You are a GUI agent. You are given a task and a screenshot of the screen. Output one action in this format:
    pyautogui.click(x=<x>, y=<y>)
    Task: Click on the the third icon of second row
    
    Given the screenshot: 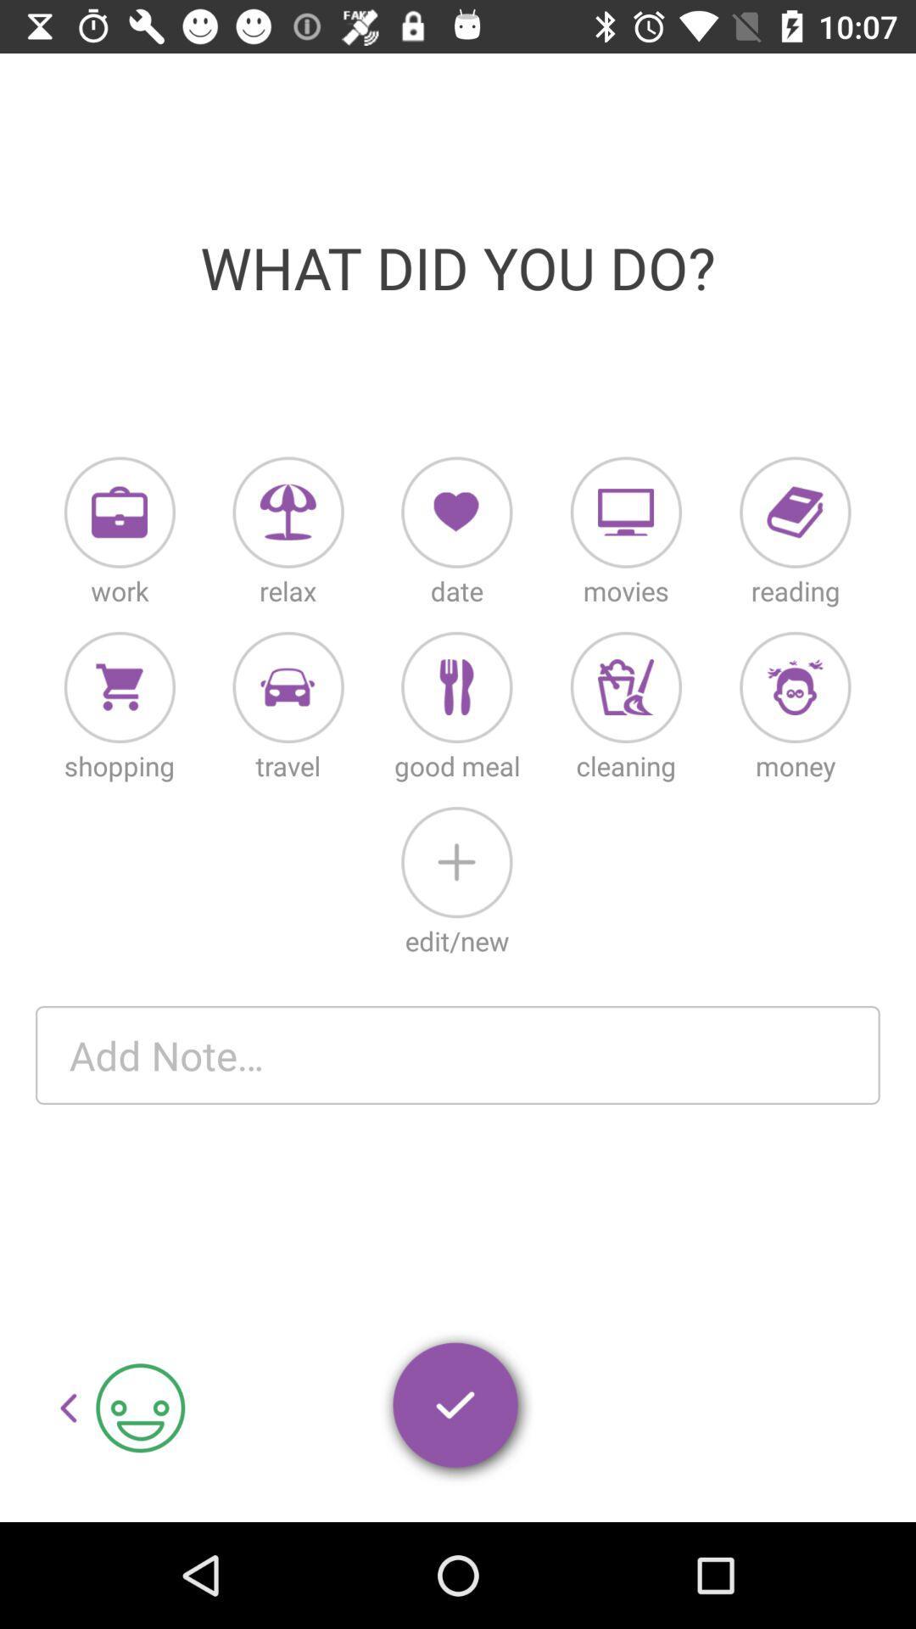 What is the action you would take?
    pyautogui.click(x=456, y=687)
    